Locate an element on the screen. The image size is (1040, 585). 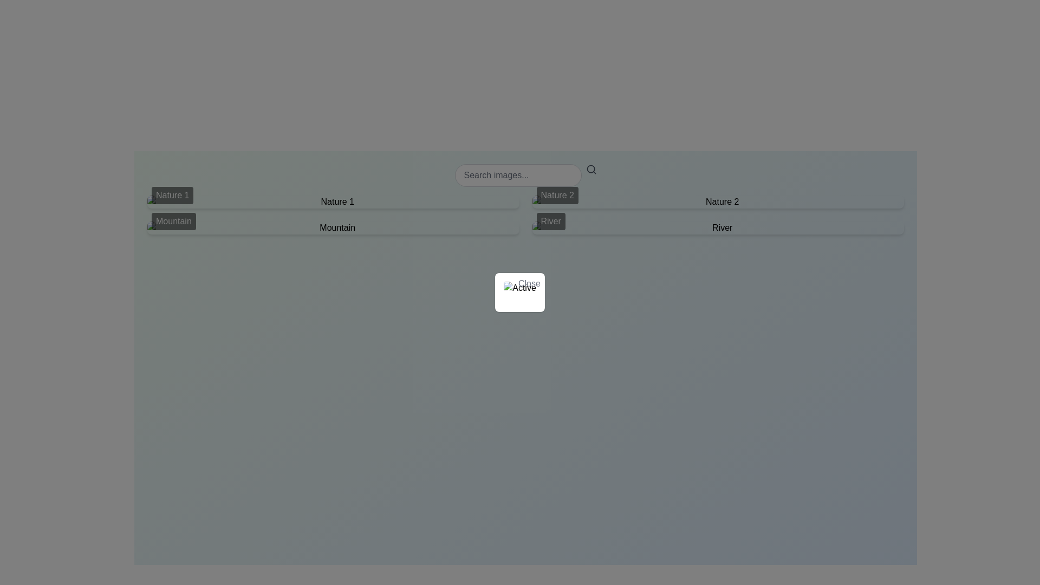
the search icon located to the immediate right of the 'Search images...' text input field is located at coordinates (590, 169).